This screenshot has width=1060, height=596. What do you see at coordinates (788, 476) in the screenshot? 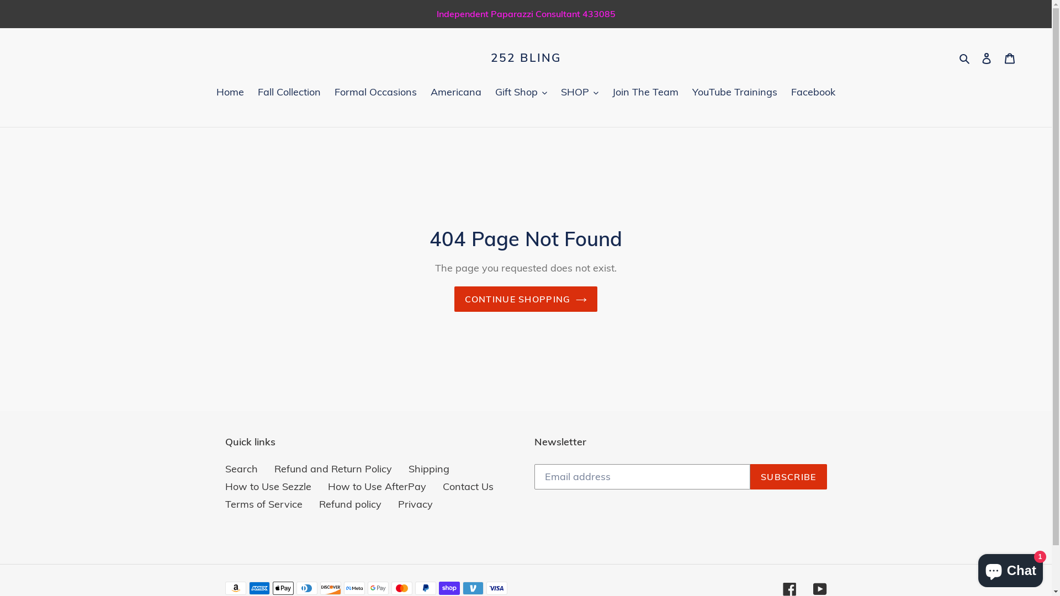
I see `'SUBSCRIBE'` at bounding box center [788, 476].